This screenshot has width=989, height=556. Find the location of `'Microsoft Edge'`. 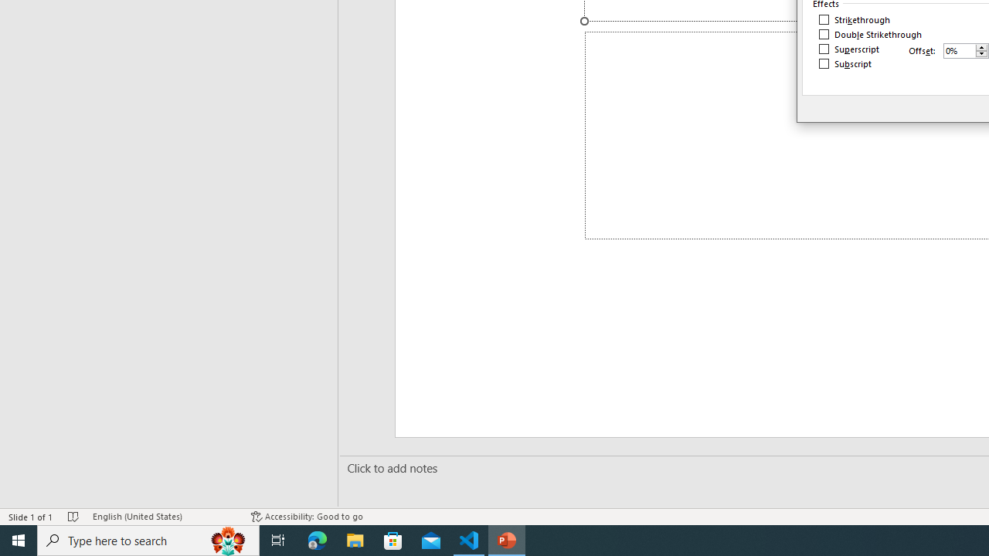

'Microsoft Edge' is located at coordinates (317, 539).